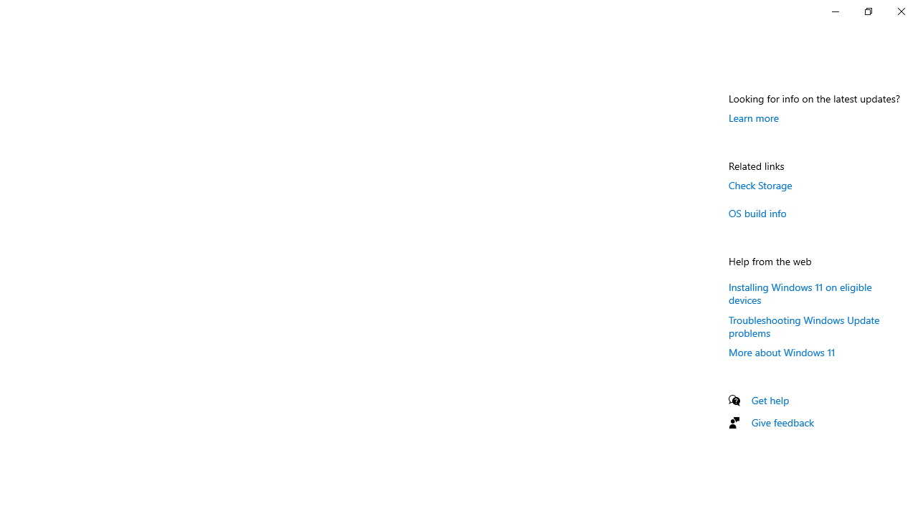 The height and width of the screenshot is (516, 918). I want to click on 'Check Storage', so click(760, 184).